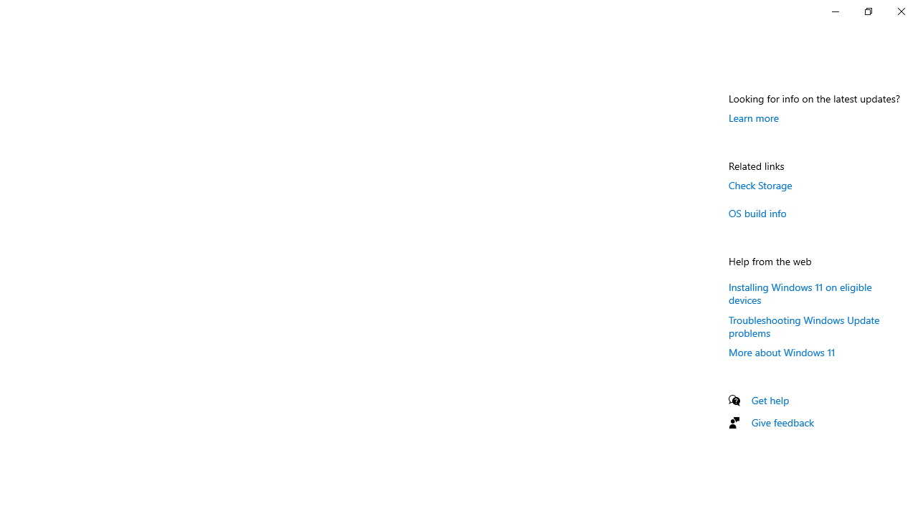 The height and width of the screenshot is (516, 918). I want to click on 'Check Storage', so click(760, 184).